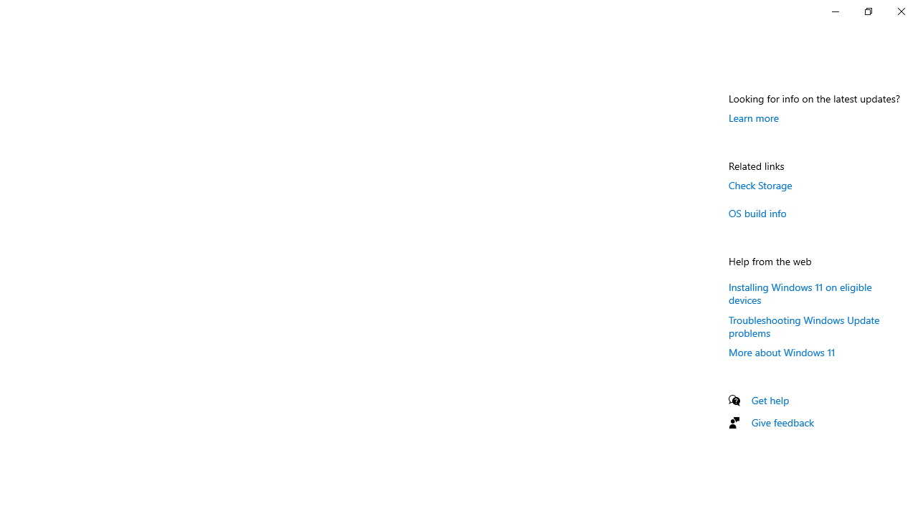 The height and width of the screenshot is (516, 918). I want to click on 'Check Storage', so click(760, 184).